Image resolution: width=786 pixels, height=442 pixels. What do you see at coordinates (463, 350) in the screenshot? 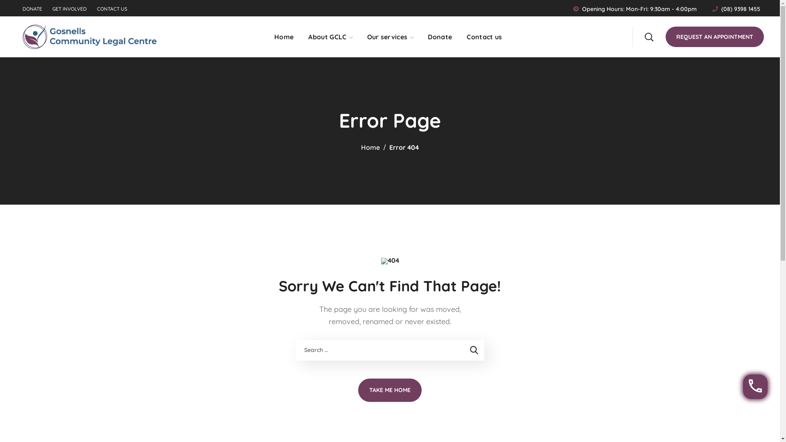
I see `'Search'` at bounding box center [463, 350].